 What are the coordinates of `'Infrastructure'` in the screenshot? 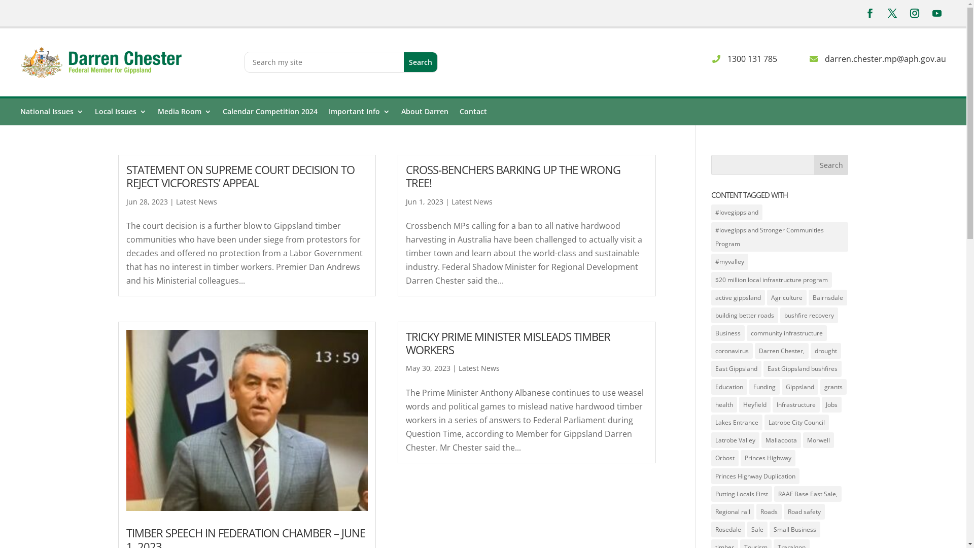 It's located at (795, 404).